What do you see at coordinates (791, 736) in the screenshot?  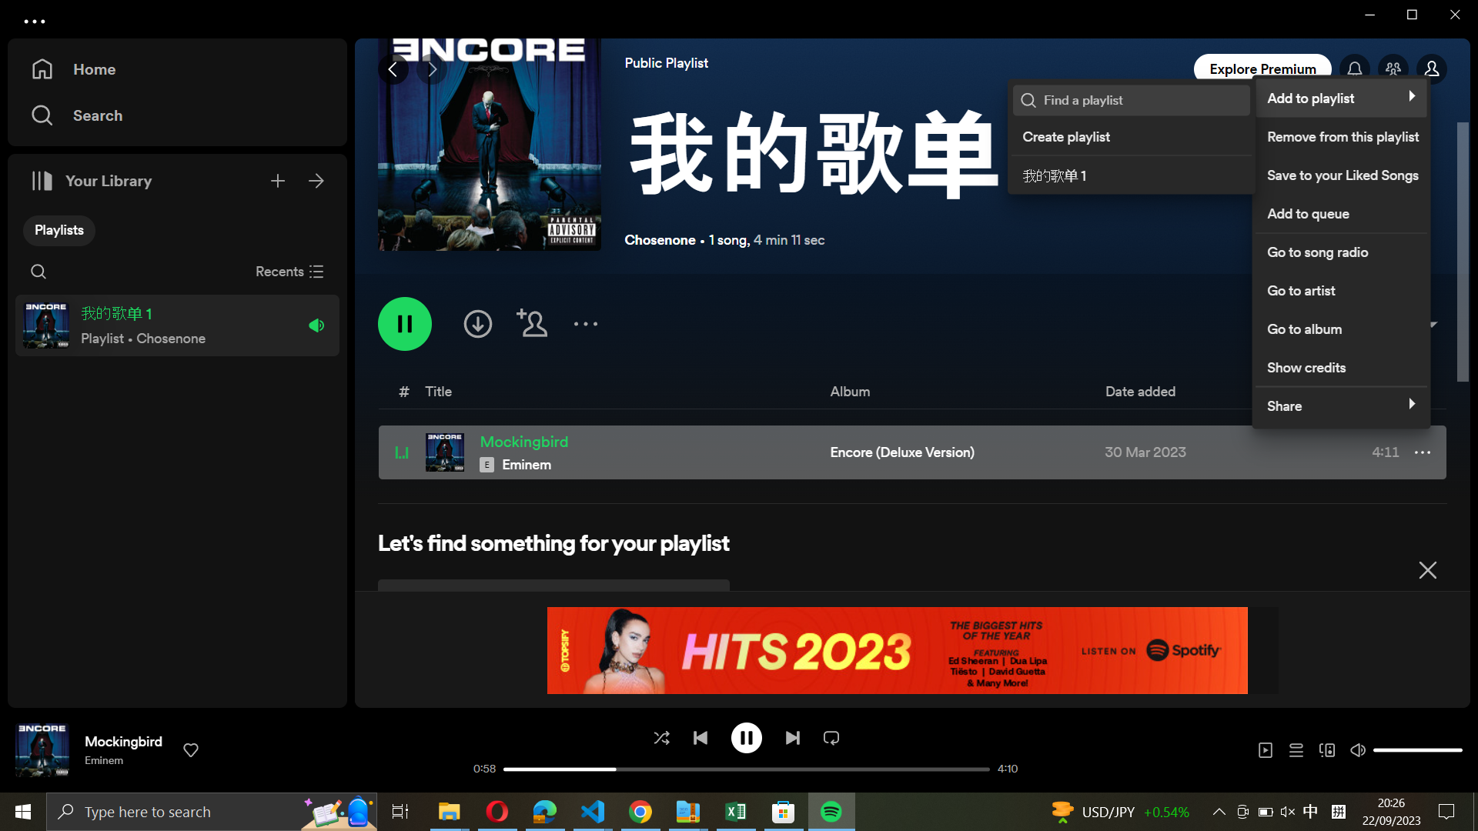 I see `Proceed with the following music piece` at bounding box center [791, 736].